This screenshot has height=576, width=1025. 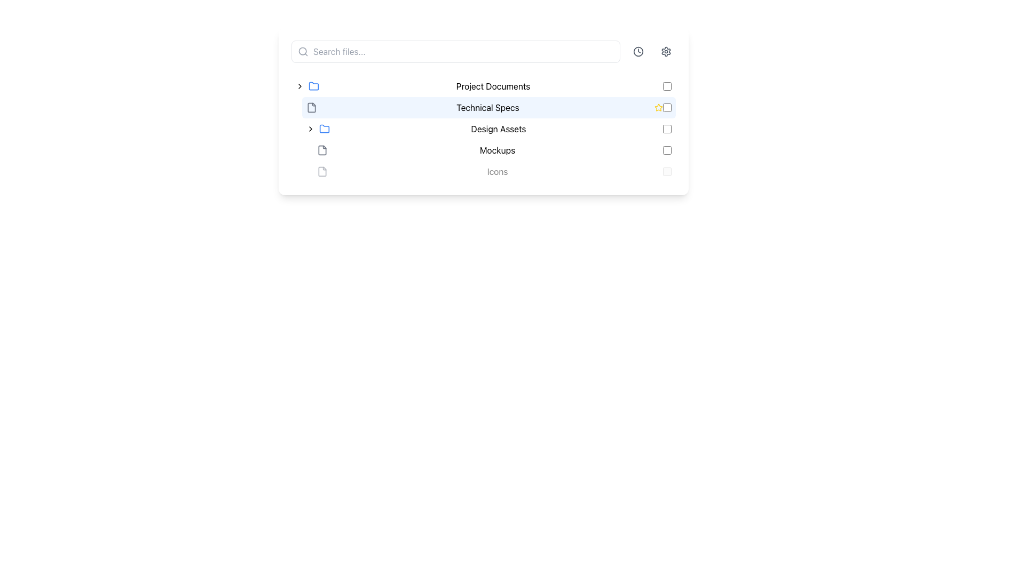 I want to click on the 'Technical Specs' text label in the navigation system, so click(x=487, y=107).